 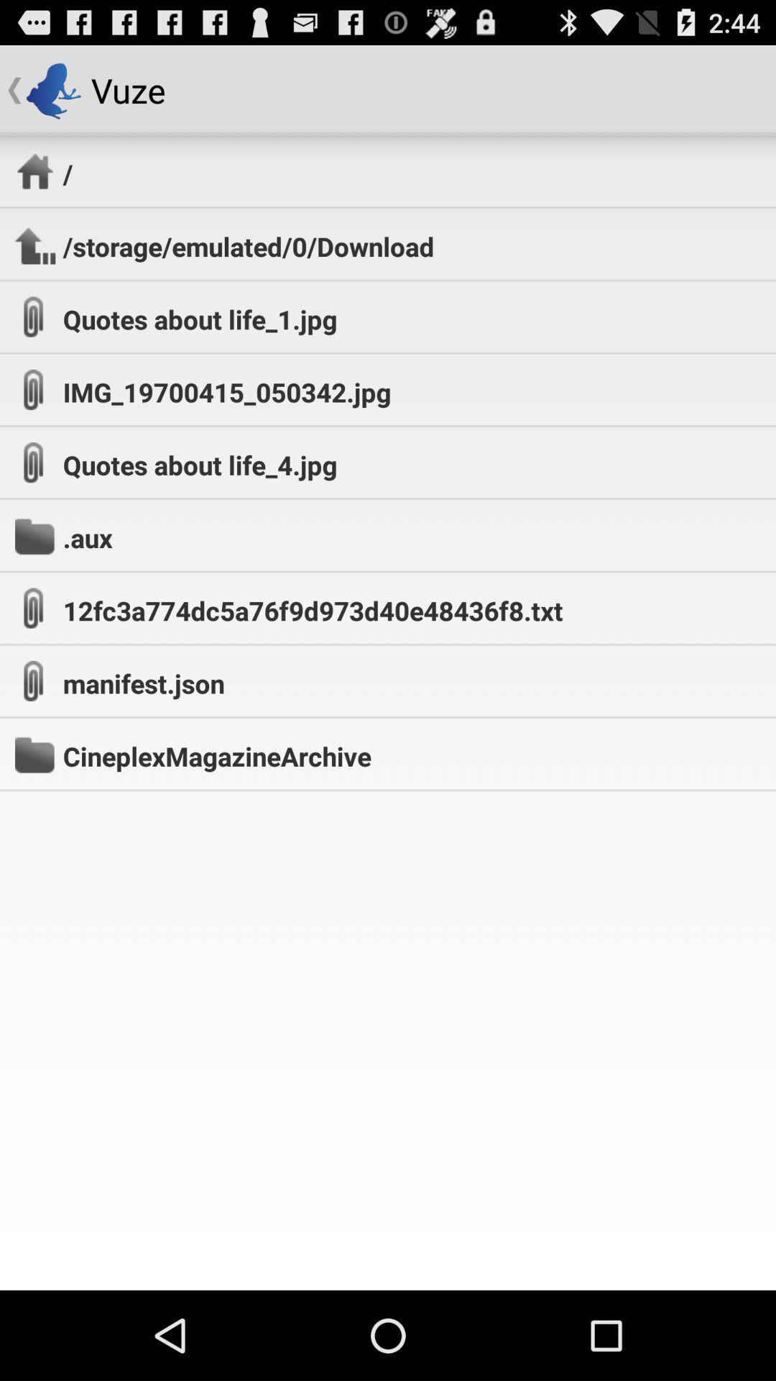 I want to click on / app, so click(x=68, y=173).